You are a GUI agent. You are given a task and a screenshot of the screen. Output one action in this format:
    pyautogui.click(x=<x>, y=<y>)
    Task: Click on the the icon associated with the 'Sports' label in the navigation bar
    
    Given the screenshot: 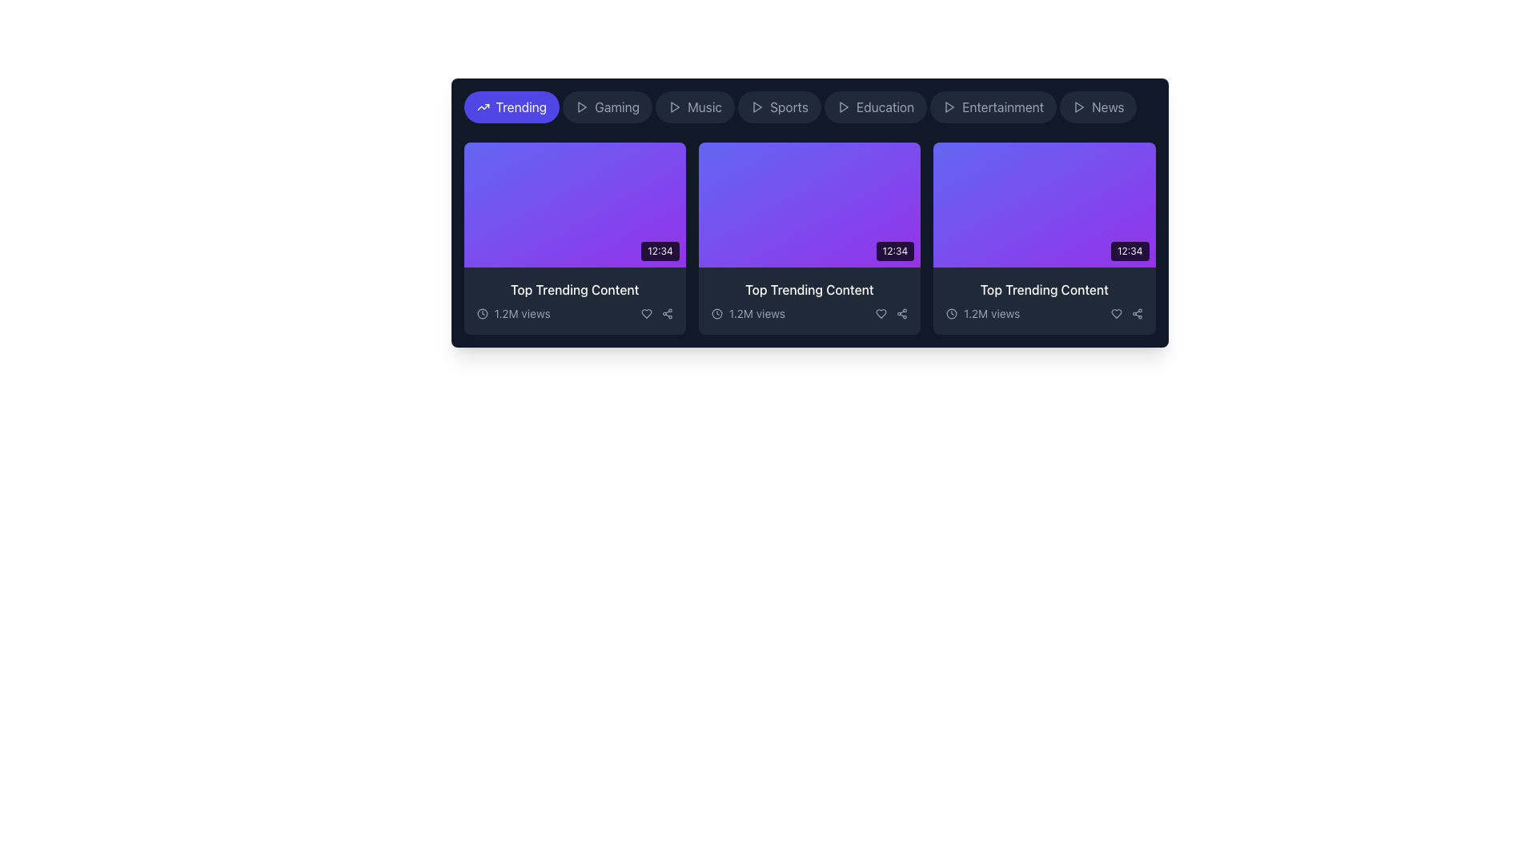 What is the action you would take?
    pyautogui.click(x=756, y=107)
    